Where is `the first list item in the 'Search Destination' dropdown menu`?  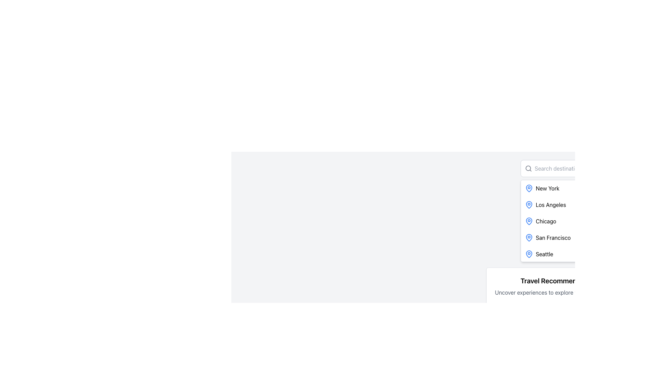 the first list item in the 'Search Destination' dropdown menu is located at coordinates (560, 188).